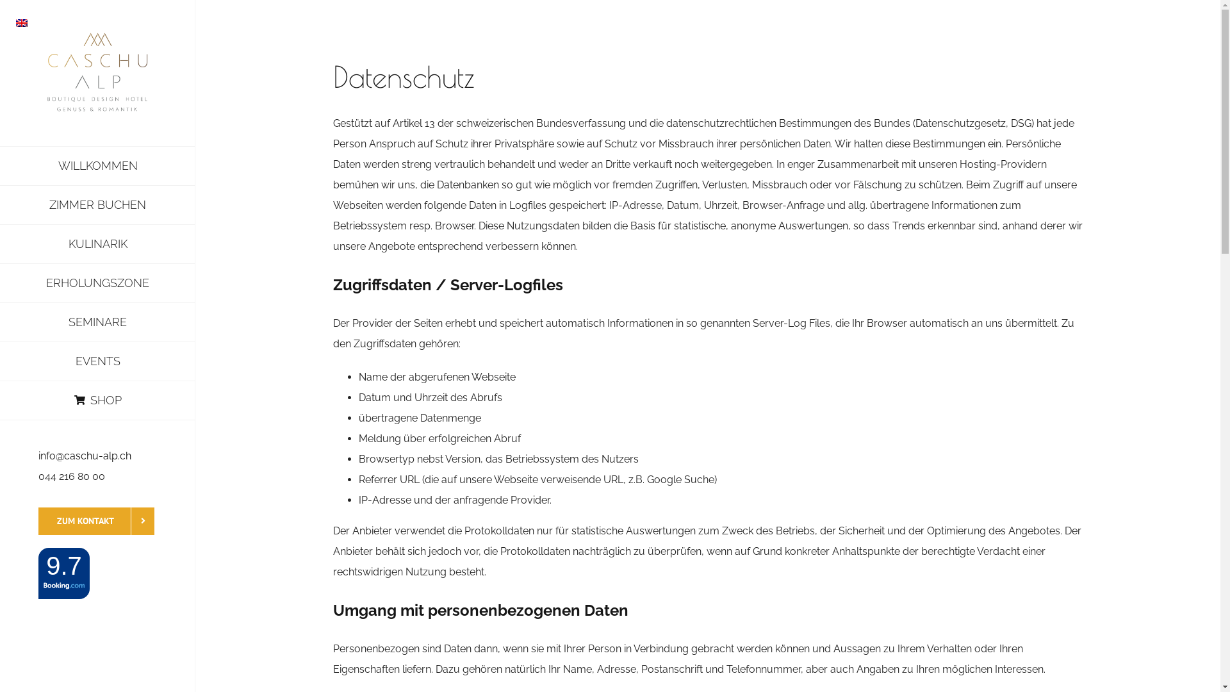 The height and width of the screenshot is (692, 1230). Describe the element at coordinates (97, 283) in the screenshot. I see `'ERHOLUNGSZONE'` at that location.